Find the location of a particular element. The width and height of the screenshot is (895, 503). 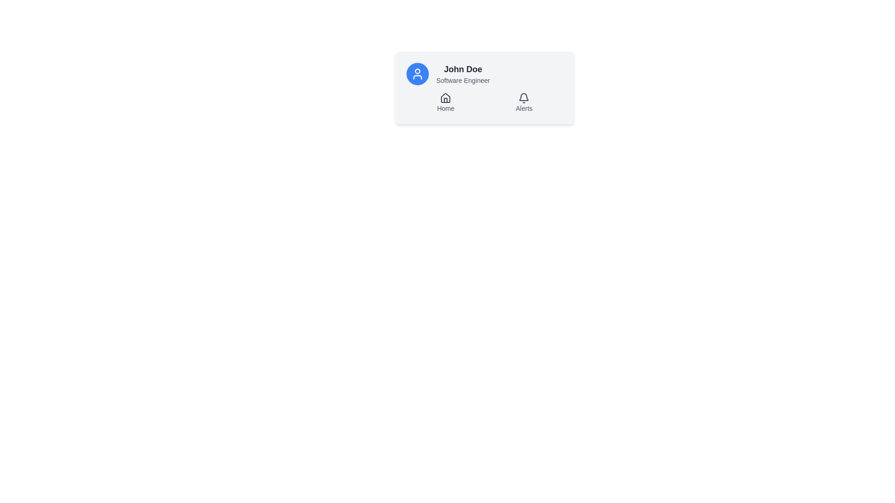

the circular profile icon button located to the left of the 'John Doe' text is located at coordinates (417, 73).